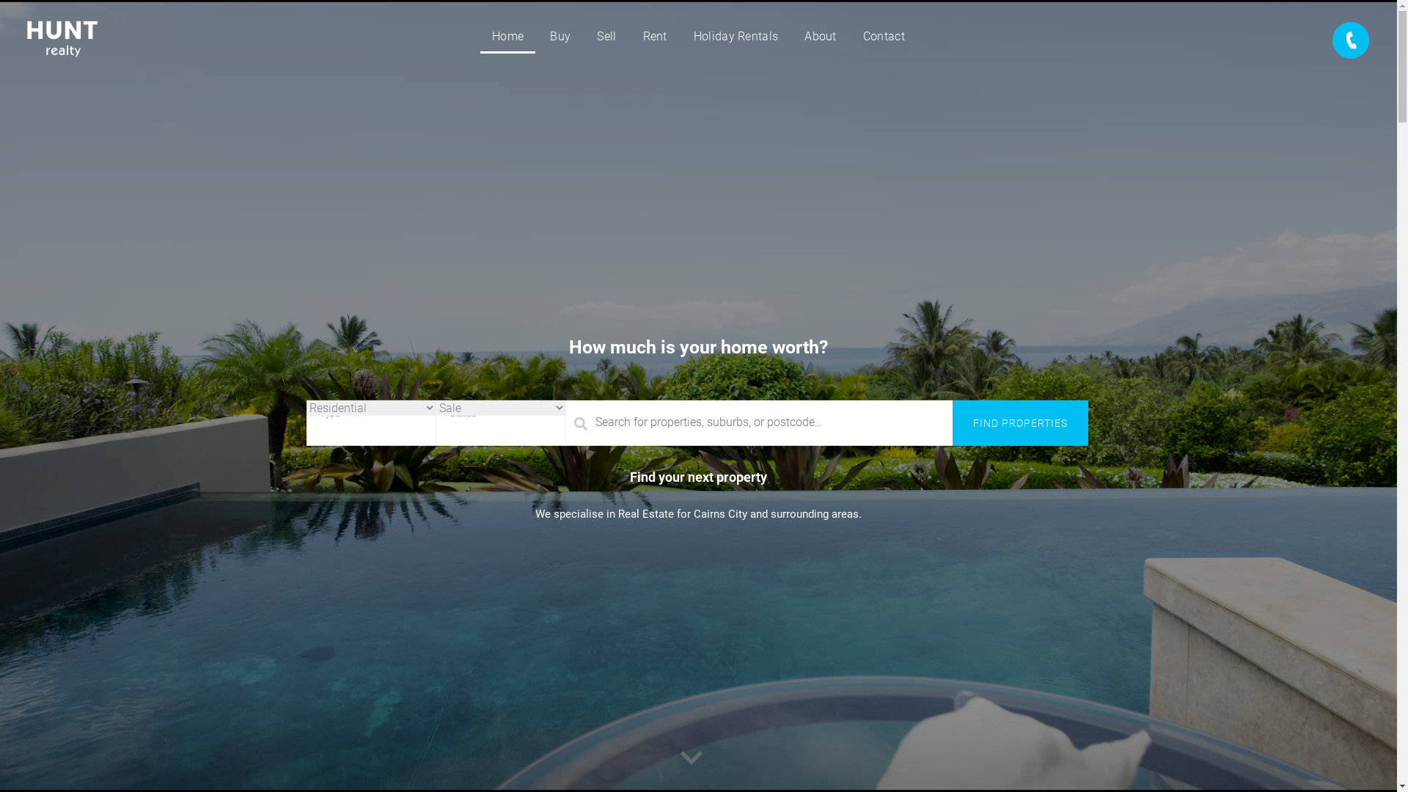 Image resolution: width=1408 pixels, height=792 pixels. Describe the element at coordinates (819, 36) in the screenshot. I see `'About'` at that location.